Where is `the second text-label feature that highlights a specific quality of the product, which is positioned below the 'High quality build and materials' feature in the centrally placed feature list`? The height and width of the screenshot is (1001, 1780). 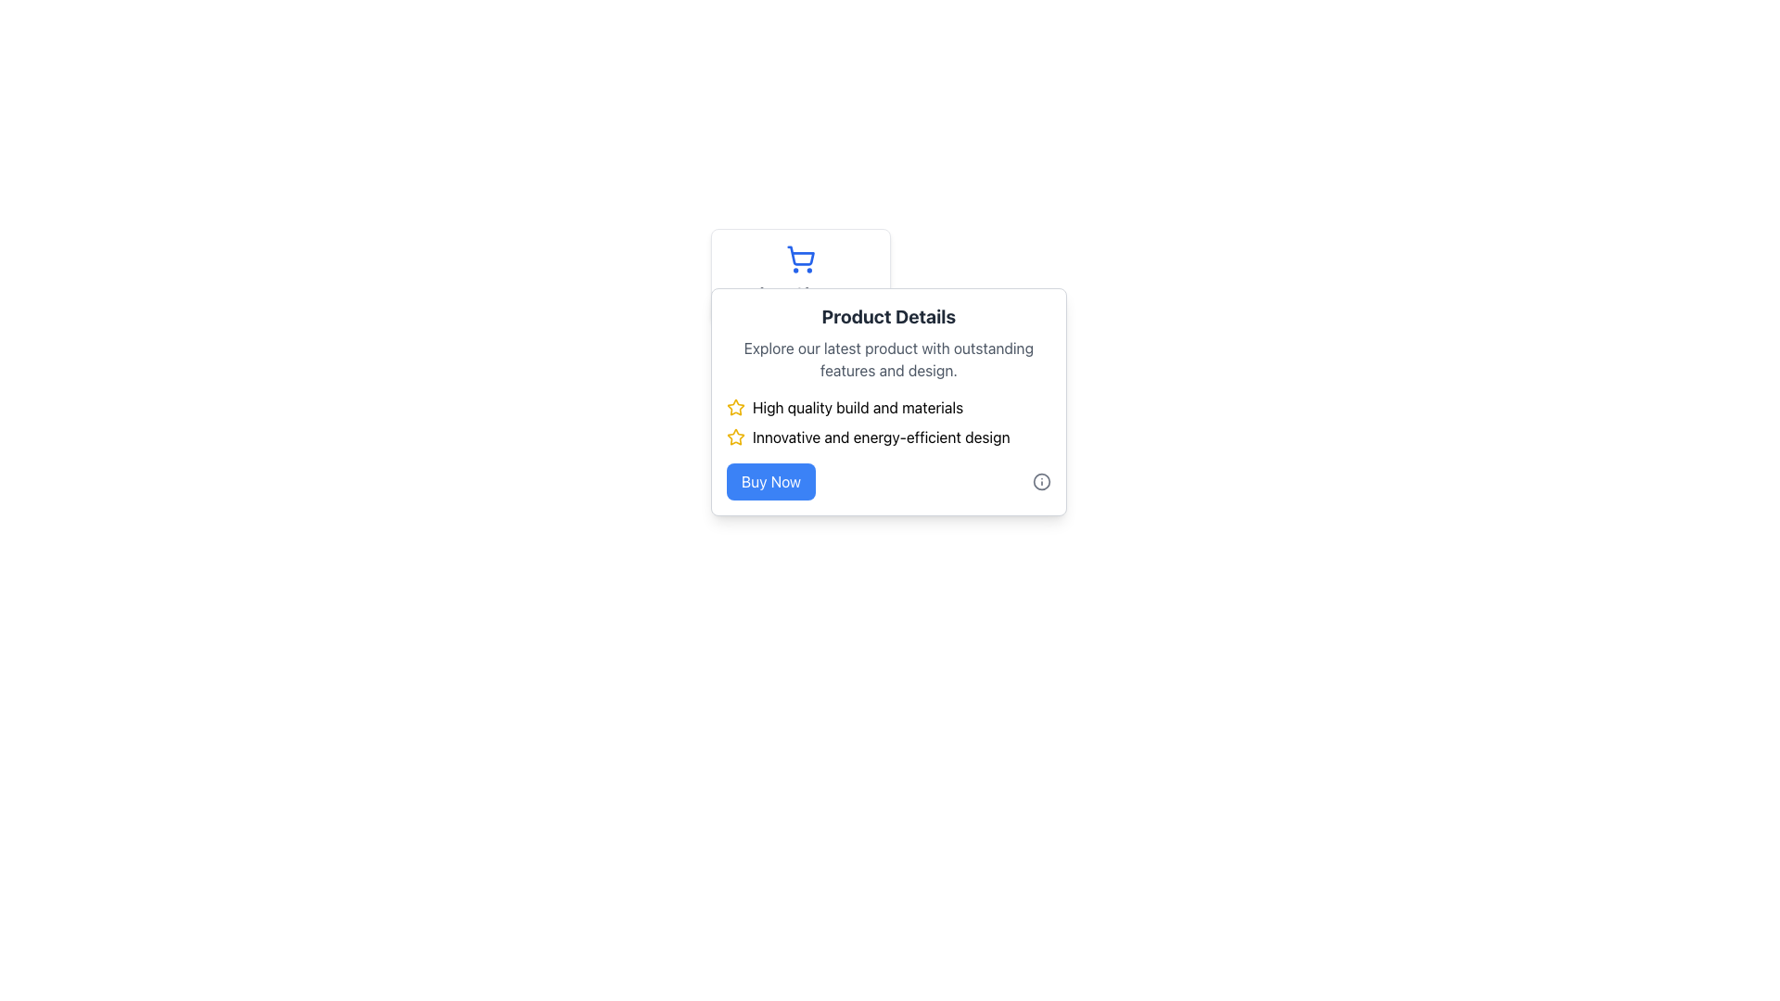
the second text-label feature that highlights a specific quality of the product, which is positioned below the 'High quality build and materials' feature in the centrally placed feature list is located at coordinates (887, 437).